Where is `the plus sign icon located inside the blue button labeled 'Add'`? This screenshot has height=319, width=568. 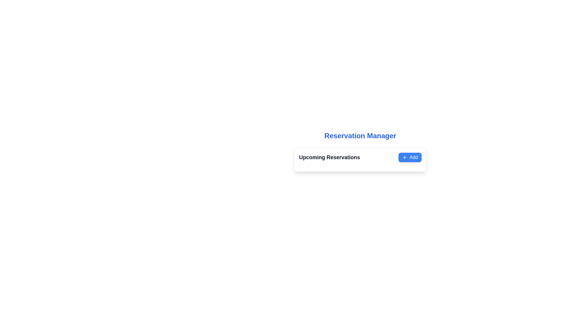
the plus sign icon located inside the blue button labeled 'Add' is located at coordinates (404, 157).